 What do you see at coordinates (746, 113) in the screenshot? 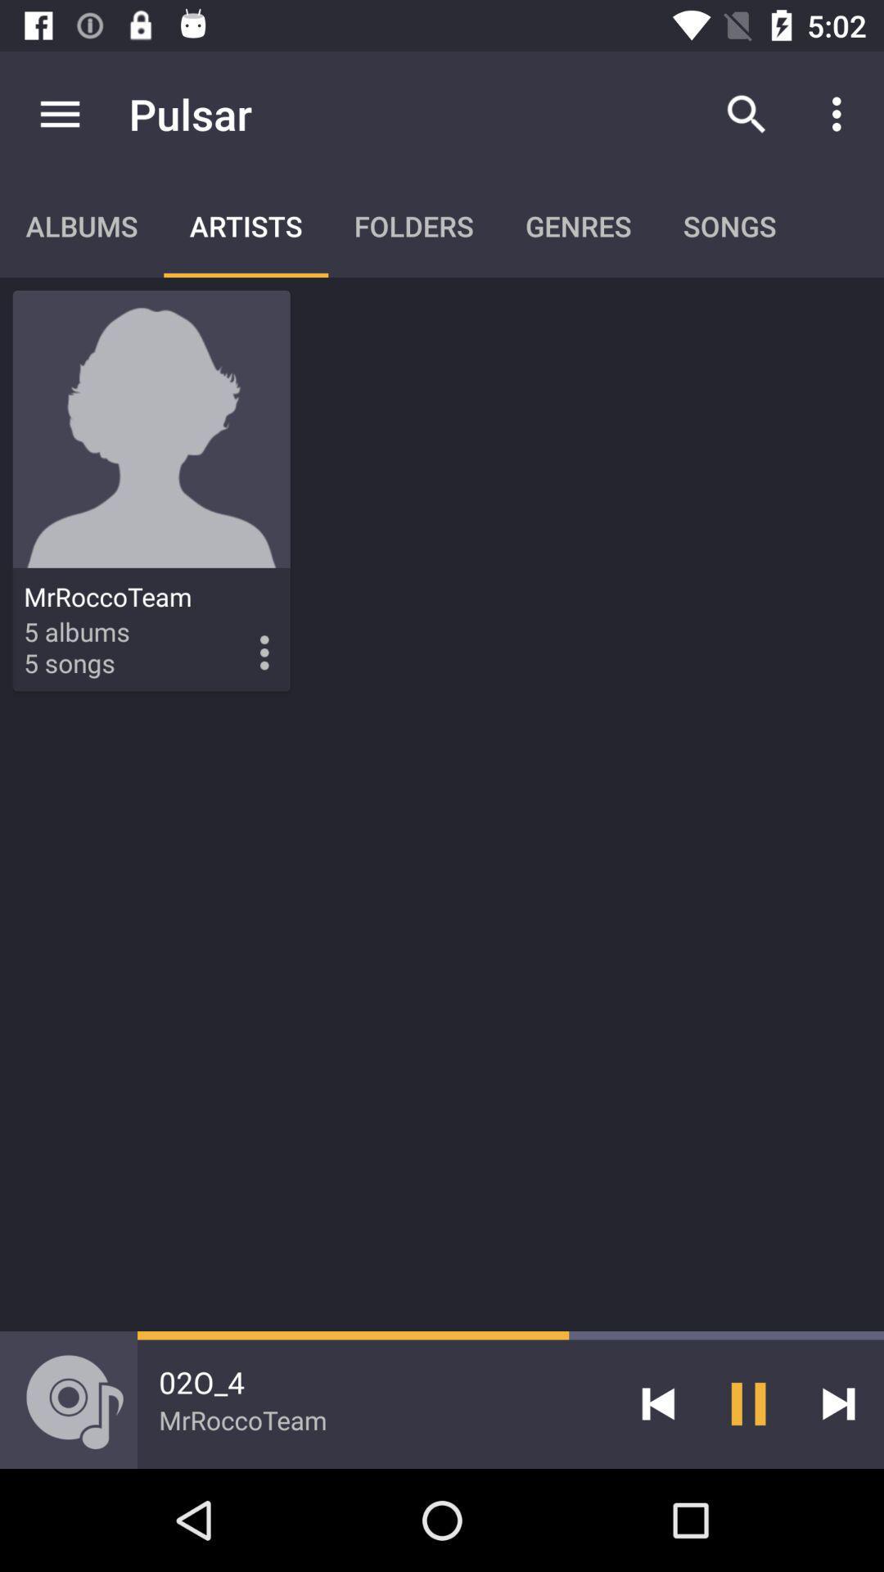
I see `item next to pulsar icon` at bounding box center [746, 113].